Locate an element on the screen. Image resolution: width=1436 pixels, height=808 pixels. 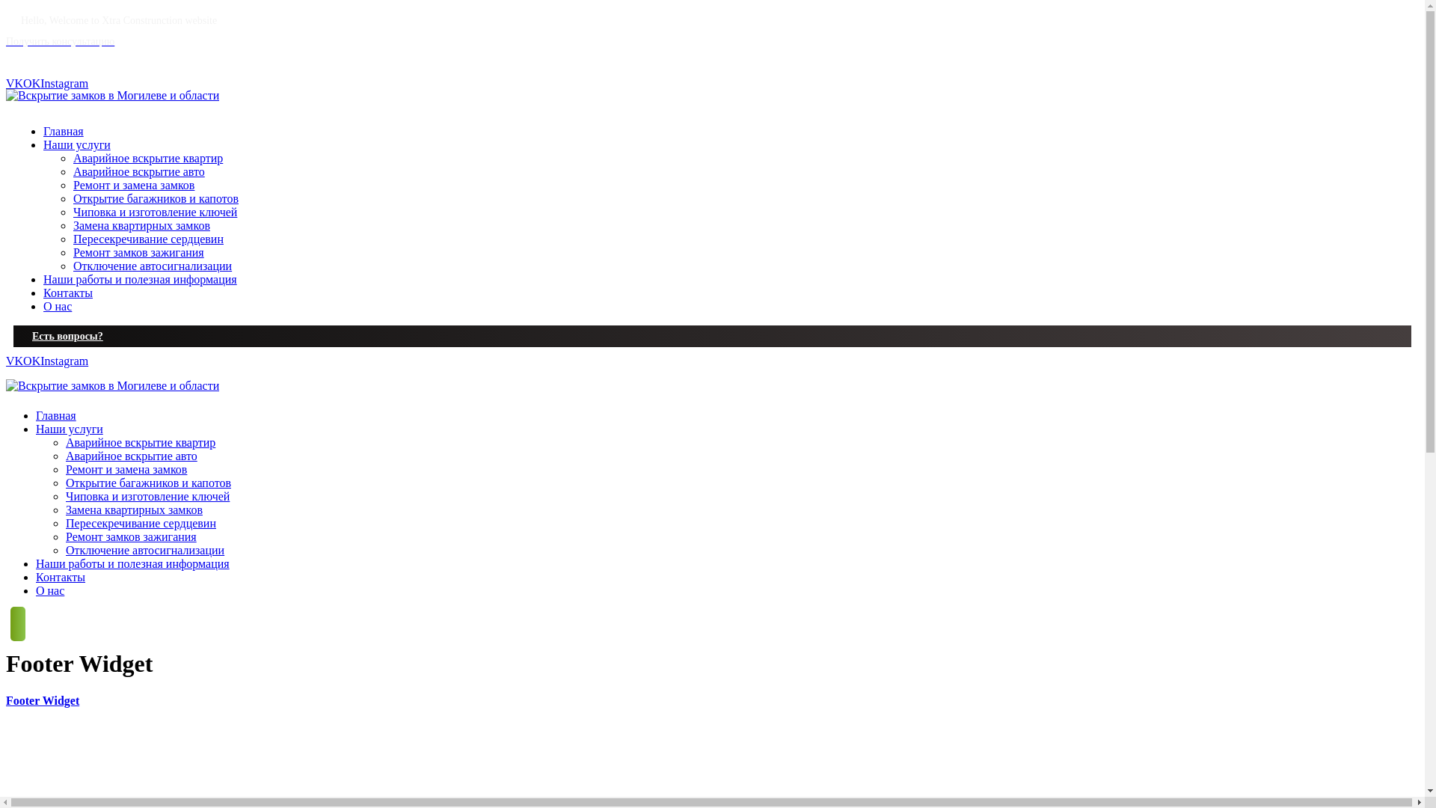
'Instagram' is located at coordinates (64, 361).